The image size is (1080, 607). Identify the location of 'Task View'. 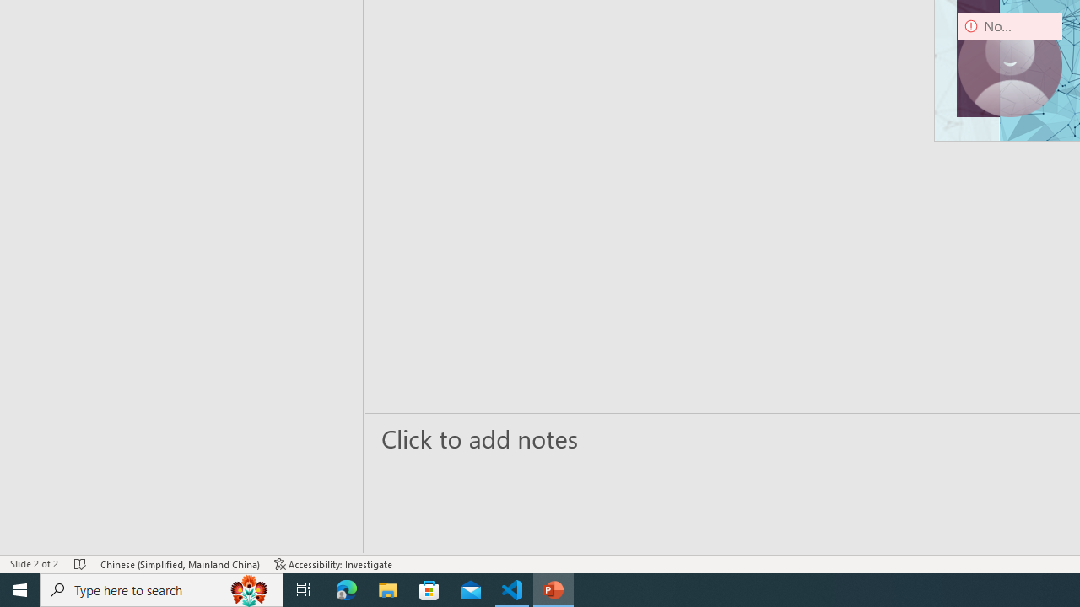
(303, 588).